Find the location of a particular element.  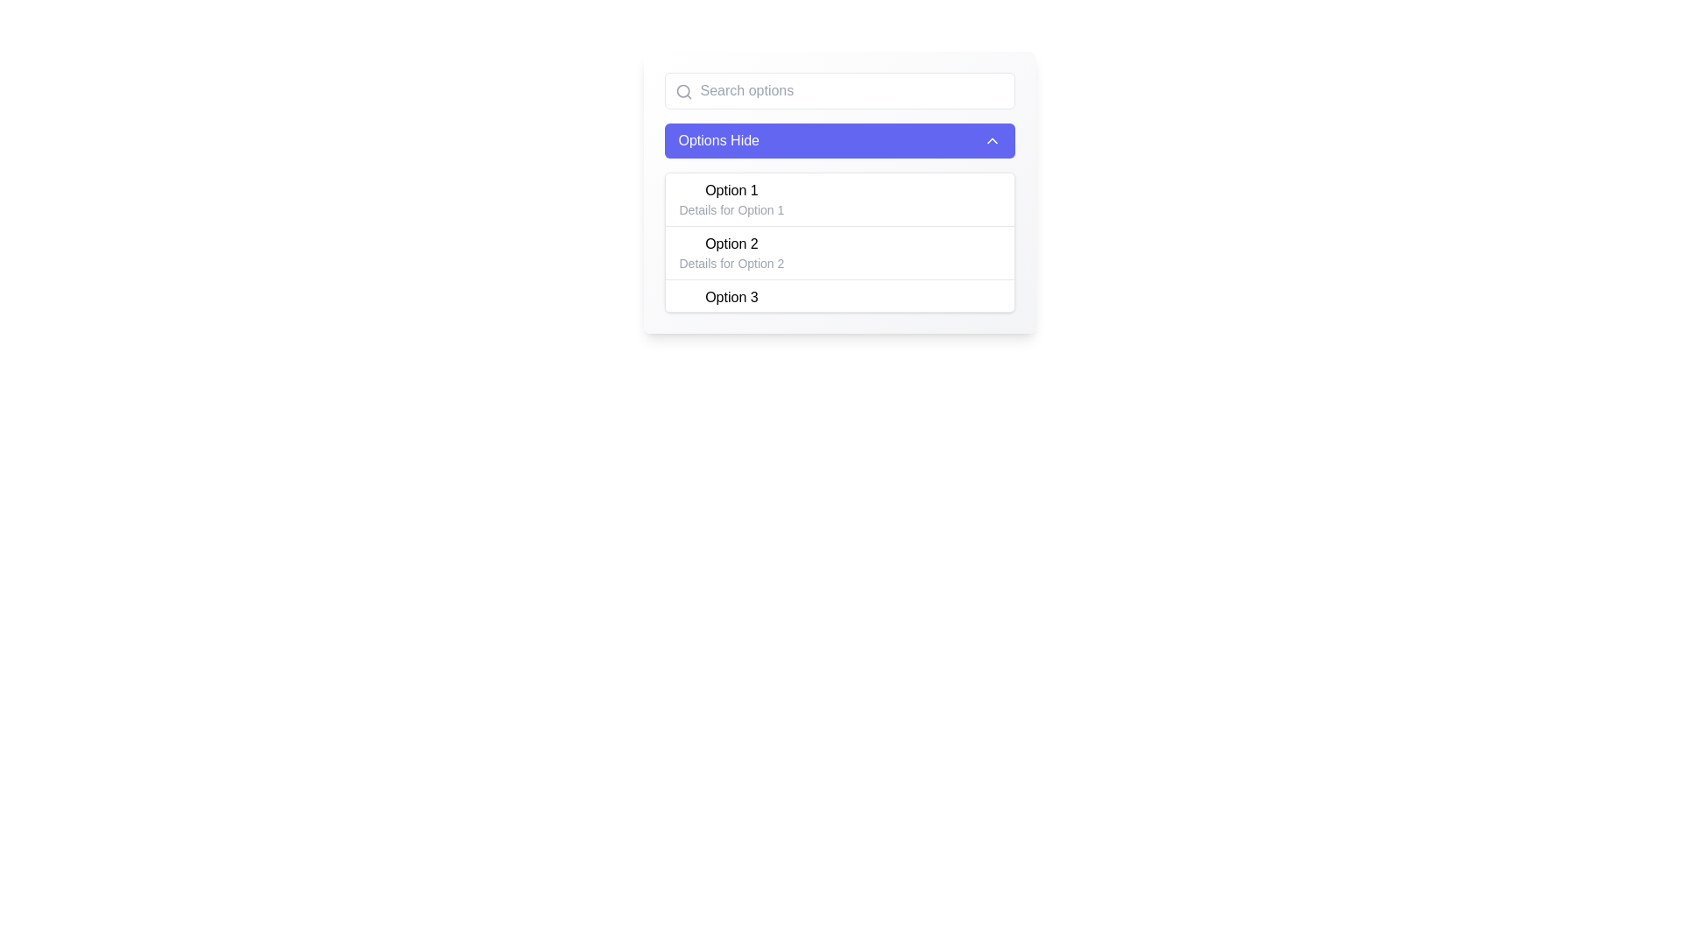

the static text element that serves as a label for the dropdown menu under 'Options Hide', which is the topmost text in its grouping is located at coordinates (731, 191).